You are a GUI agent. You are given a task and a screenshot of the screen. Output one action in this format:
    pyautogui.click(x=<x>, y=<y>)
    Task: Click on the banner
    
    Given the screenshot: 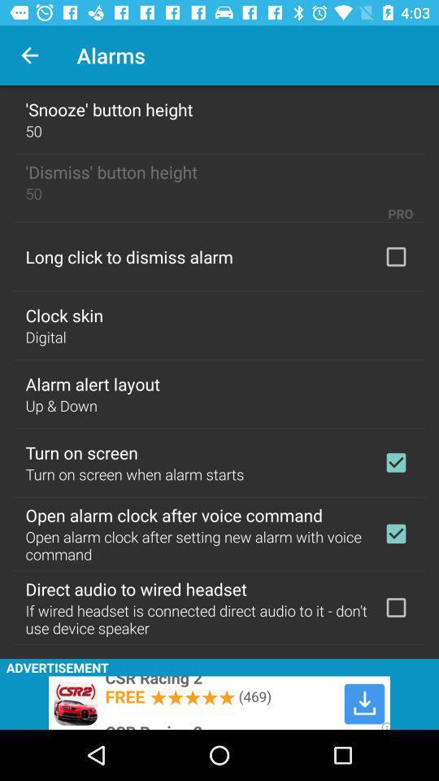 What is the action you would take?
    pyautogui.click(x=219, y=702)
    